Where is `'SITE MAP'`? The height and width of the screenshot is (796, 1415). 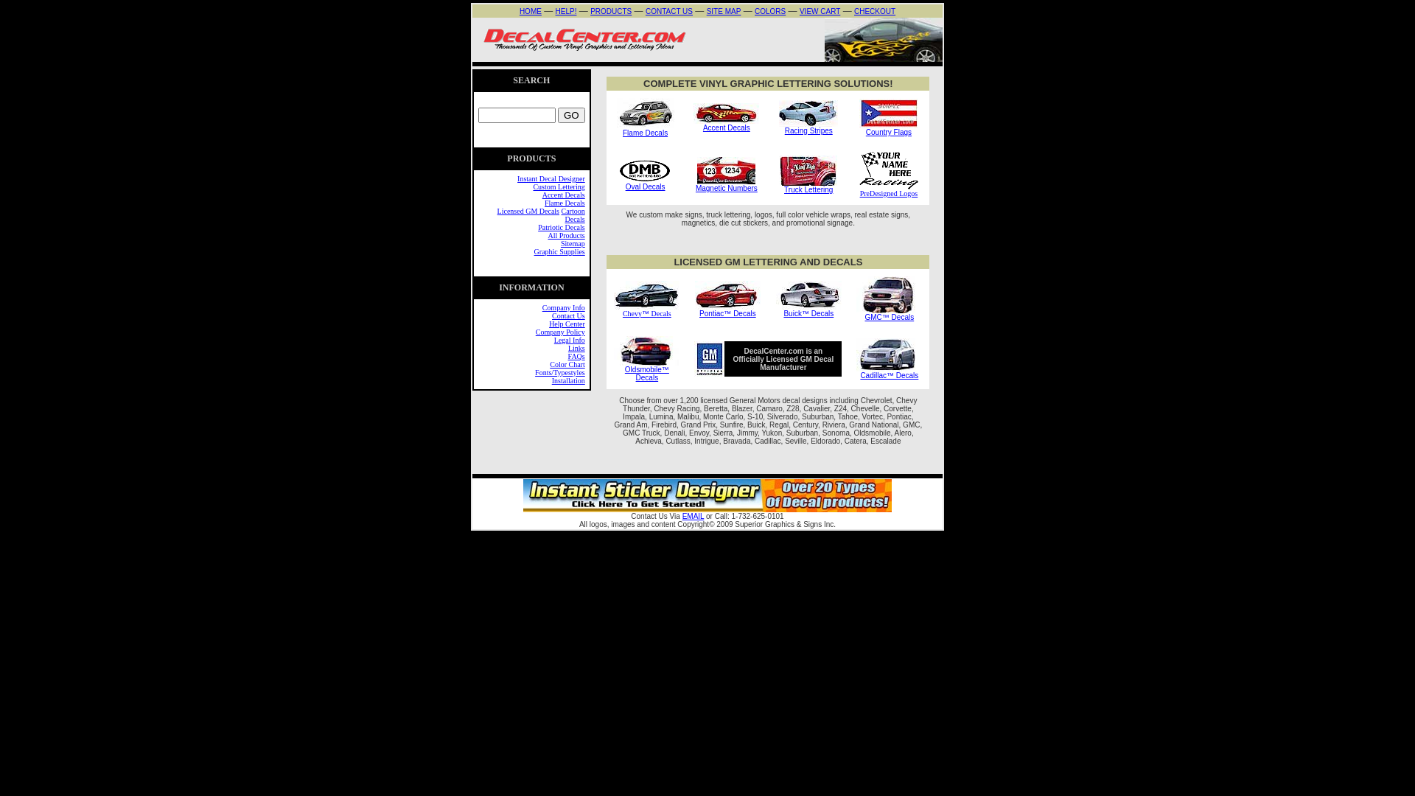 'SITE MAP' is located at coordinates (706, 11).